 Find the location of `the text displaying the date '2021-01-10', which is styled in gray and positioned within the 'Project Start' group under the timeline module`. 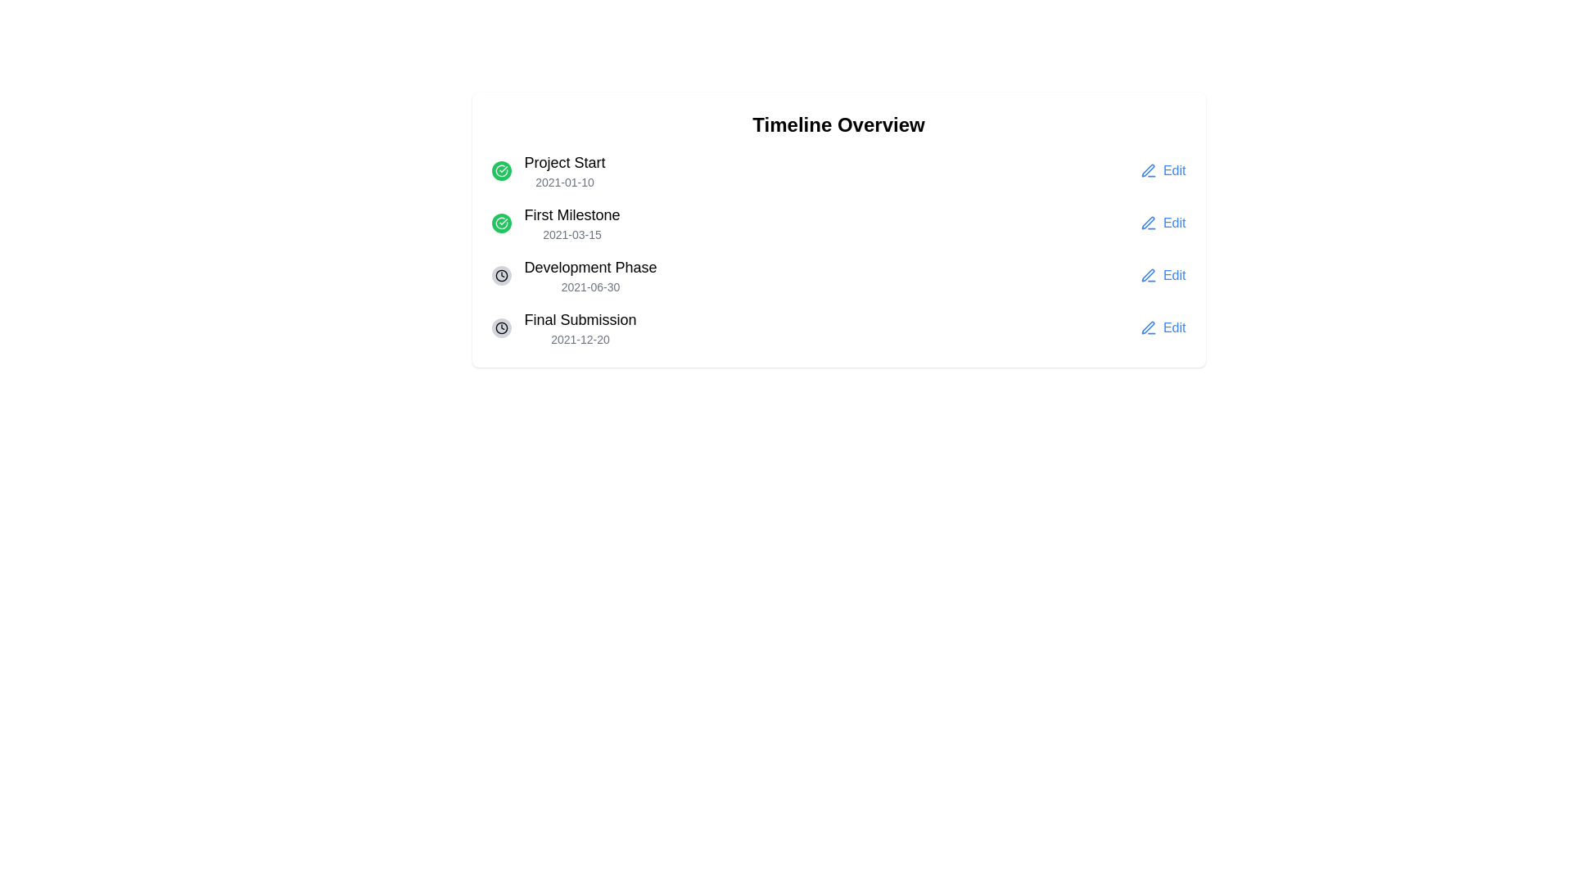

the text displaying the date '2021-01-10', which is styled in gray and positioned within the 'Project Start' group under the timeline module is located at coordinates (565, 183).